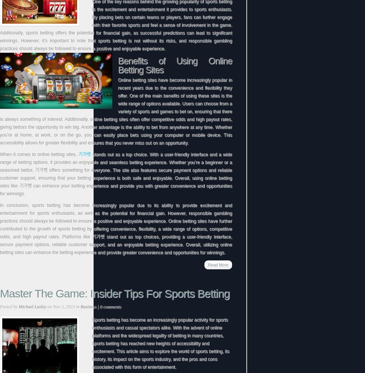 This screenshot has width=365, height=373. What do you see at coordinates (115, 174) in the screenshot?
I see `'stands out as a top choice. With a user-friendly interface and a wide range of betting options, it provides an enjoyable and seamless betting experience. Whether you’re a beginner or a seasoned bettor, 기가벳 offers something for everyone. The site also features secure payment options and reliable customer support, ensuring that your betting experience is both safe and enjoyable. Overall, using online betting sites like 기가벳 can enhance your betting experience and provide you with greater convenience and opportunities for winnings.'` at bounding box center [115, 174].